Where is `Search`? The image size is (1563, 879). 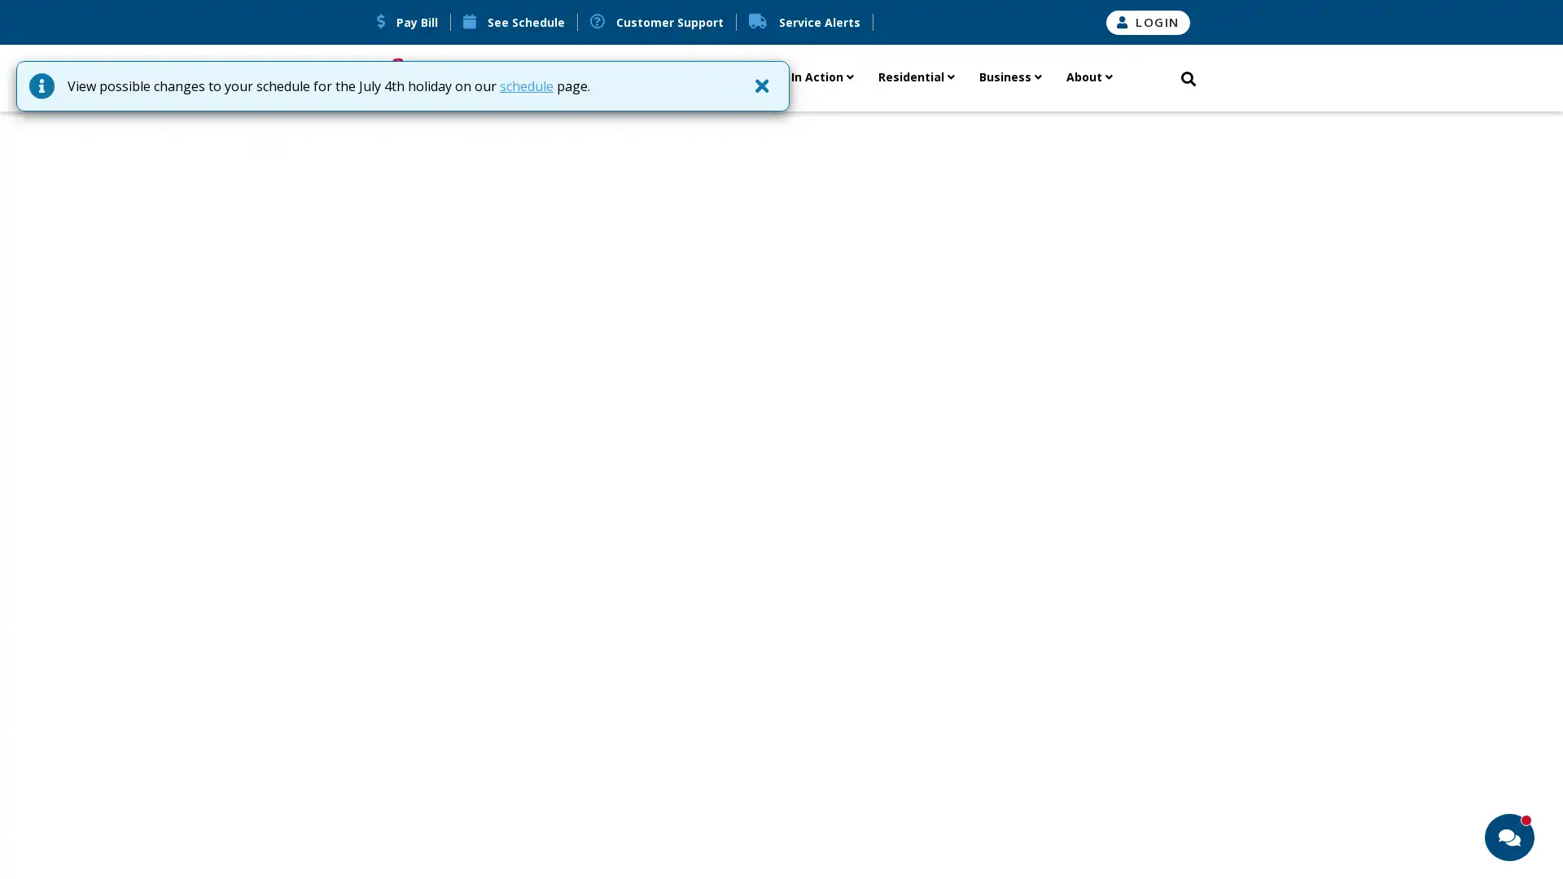
Search is located at coordinates (1179, 79).